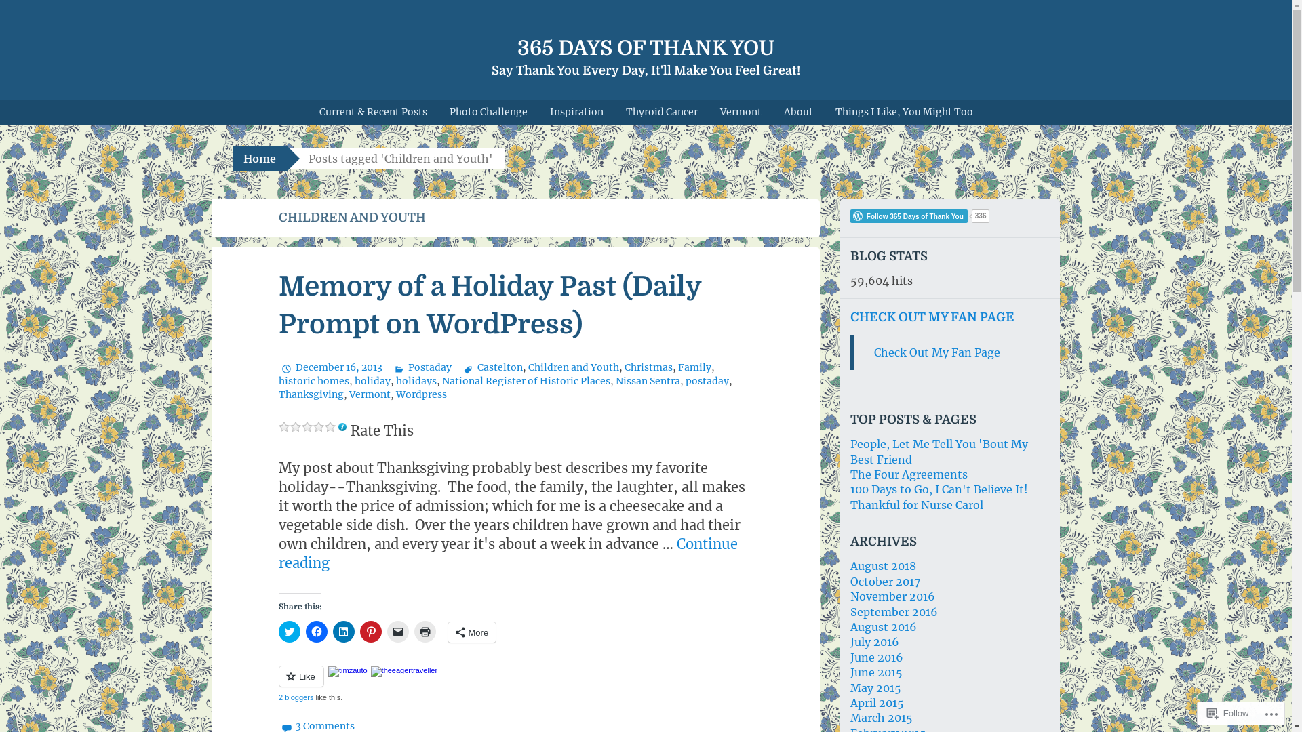 Image resolution: width=1302 pixels, height=732 pixels. Describe the element at coordinates (694, 367) in the screenshot. I see `'Family'` at that location.